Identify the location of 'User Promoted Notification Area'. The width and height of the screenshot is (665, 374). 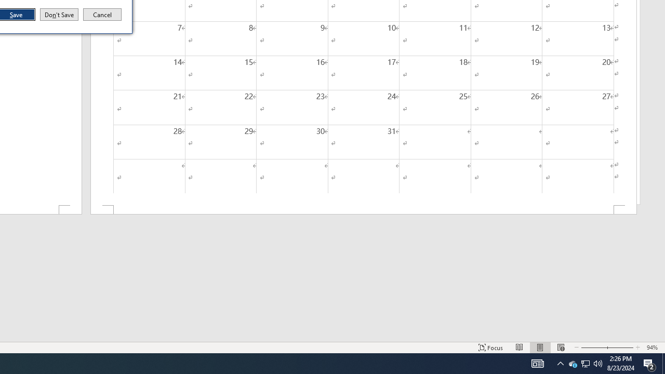
(586, 363).